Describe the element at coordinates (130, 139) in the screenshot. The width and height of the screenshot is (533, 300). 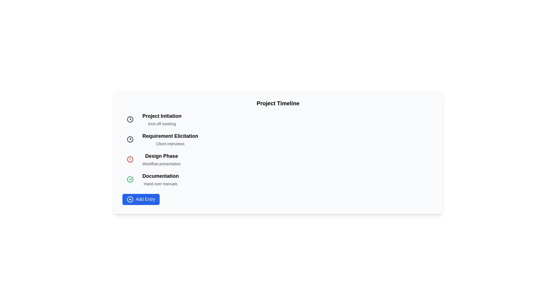
I see `the circular clock icon located next to the 'Requirement Elicitation' and 'Client interviews' text in the second row of the timeline icons` at that location.